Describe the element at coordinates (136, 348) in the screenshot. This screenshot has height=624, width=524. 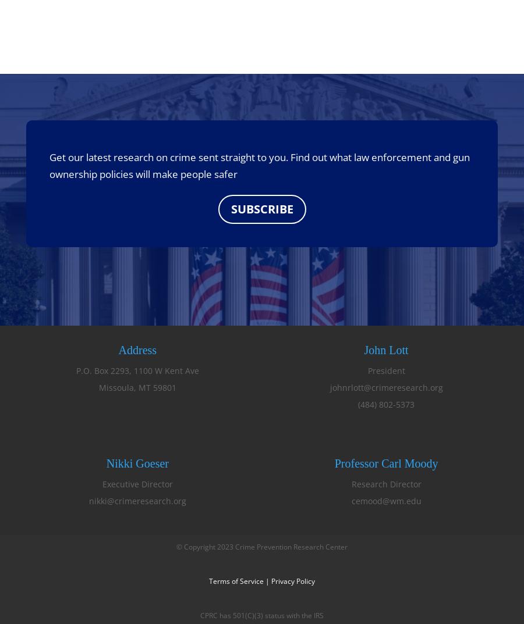
I see `'Address'` at that location.